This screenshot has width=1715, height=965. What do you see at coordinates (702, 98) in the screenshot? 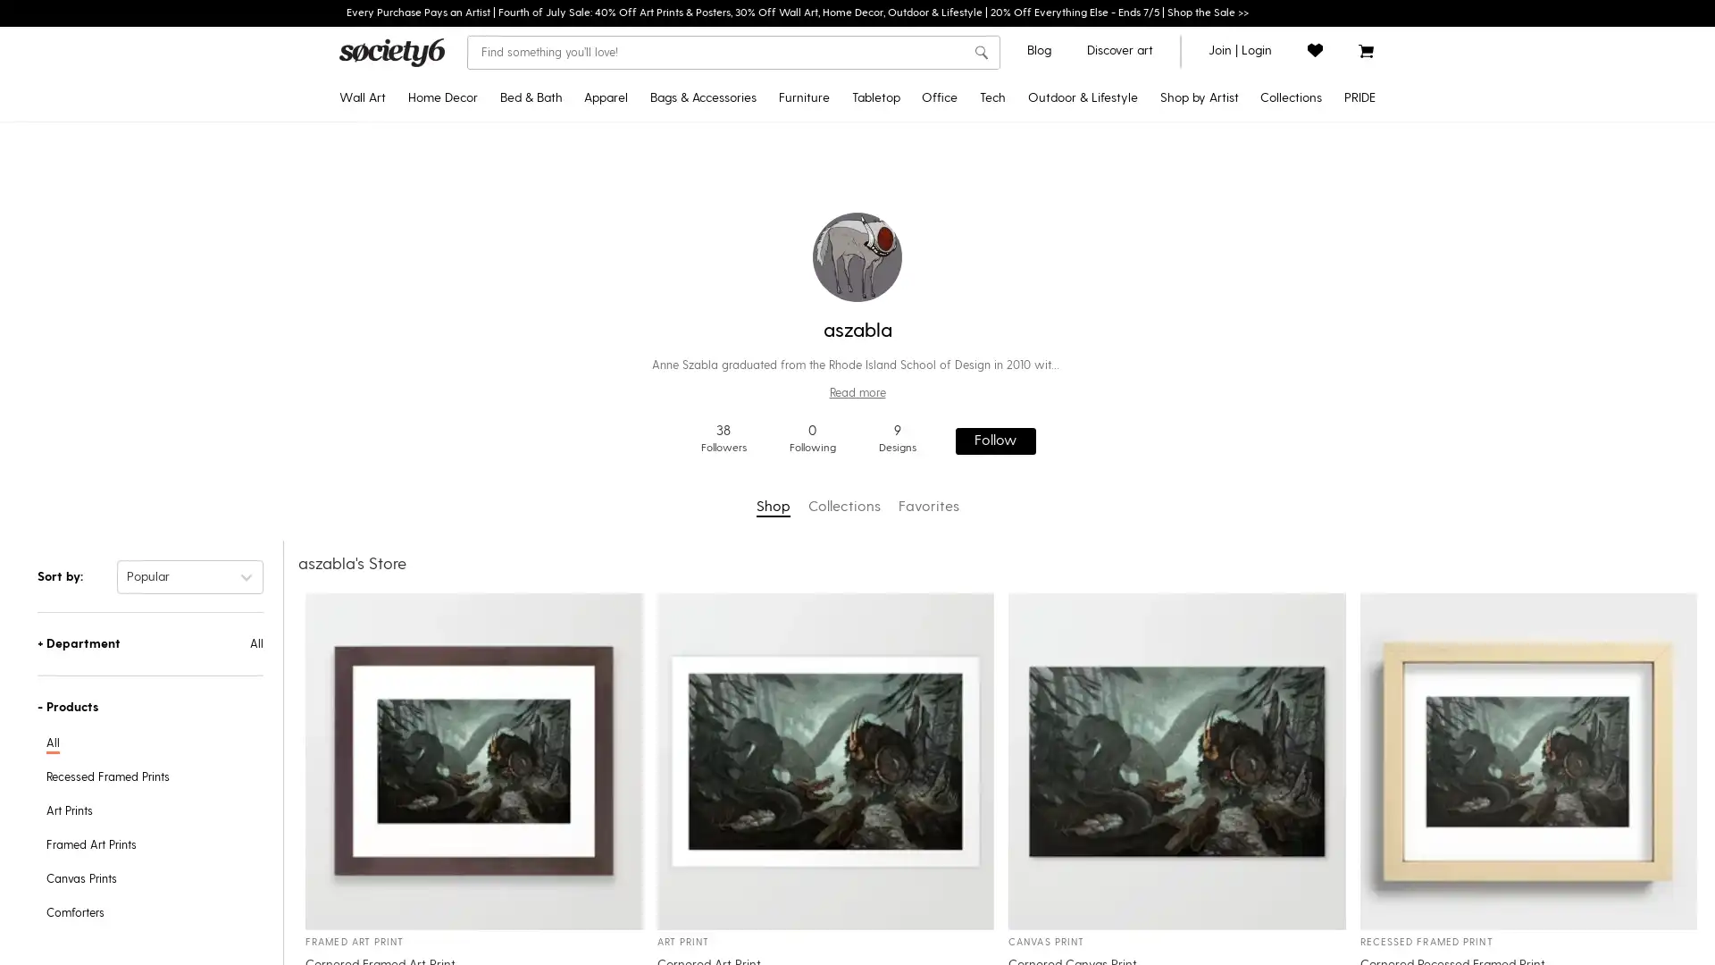
I see `Bags & Accessories` at bounding box center [702, 98].